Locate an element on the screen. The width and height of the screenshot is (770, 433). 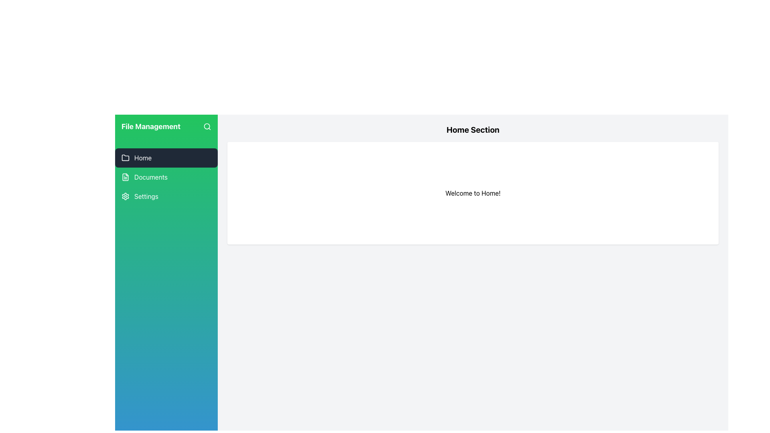
the 'Settings' icon located in the vertical navigation menu on the left side of the user interface is located at coordinates (125, 196).